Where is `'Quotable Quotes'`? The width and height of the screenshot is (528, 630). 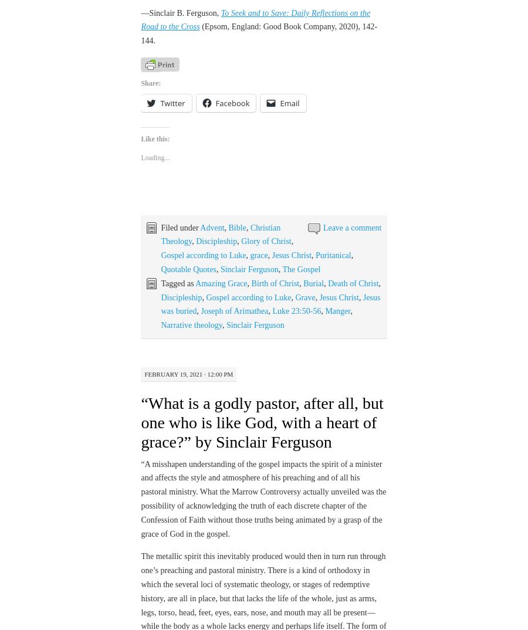 'Quotable Quotes' is located at coordinates (188, 237).